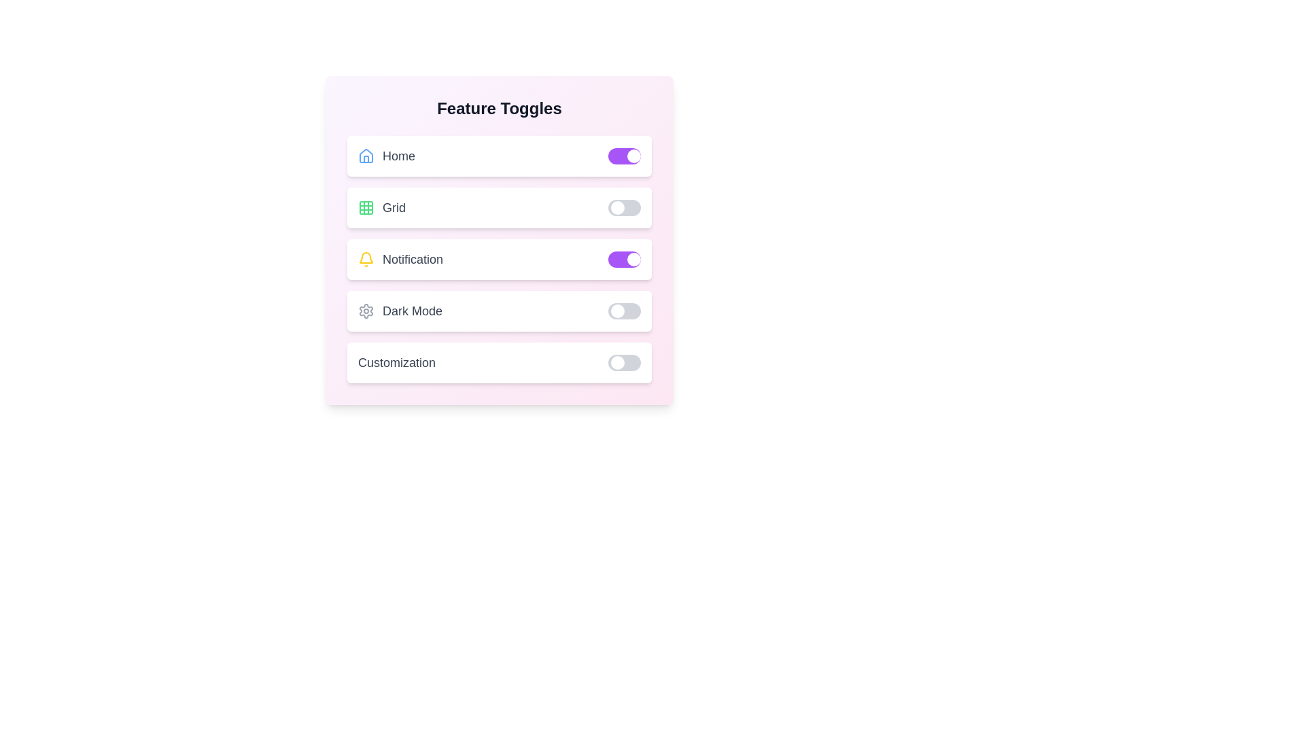 The height and width of the screenshot is (734, 1305). Describe the element at coordinates (400, 311) in the screenshot. I see `the 'Dark Mode' label, which is the fourth item in the vertical list of toggle options in the 'Feature Toggles' section, positioned below the 'Notification' toggle` at that location.